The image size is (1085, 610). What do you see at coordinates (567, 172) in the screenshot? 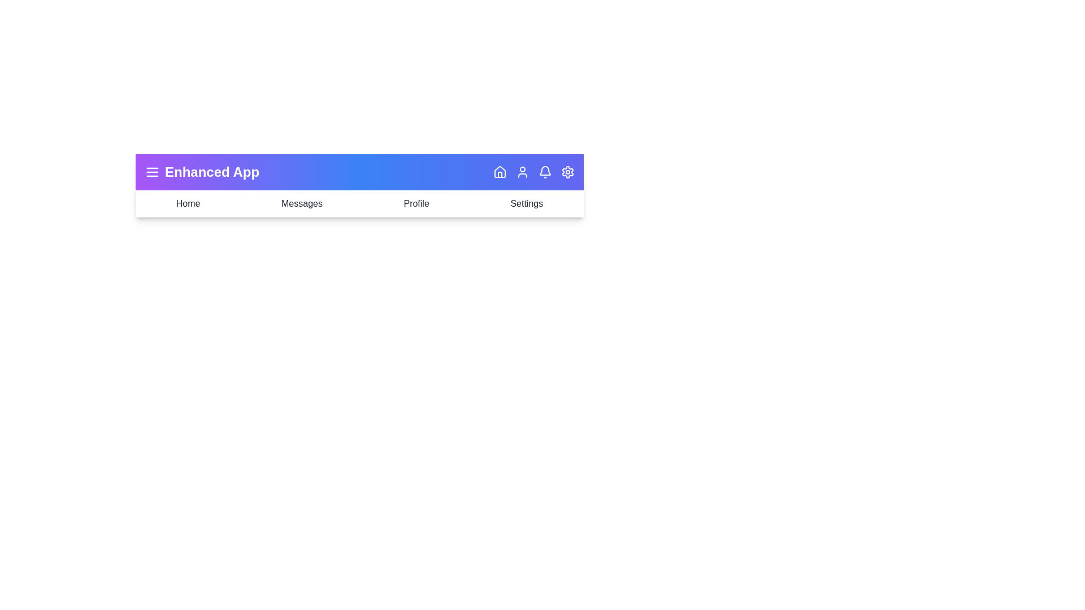
I see `the Settings icon in the navigation bar` at bounding box center [567, 172].